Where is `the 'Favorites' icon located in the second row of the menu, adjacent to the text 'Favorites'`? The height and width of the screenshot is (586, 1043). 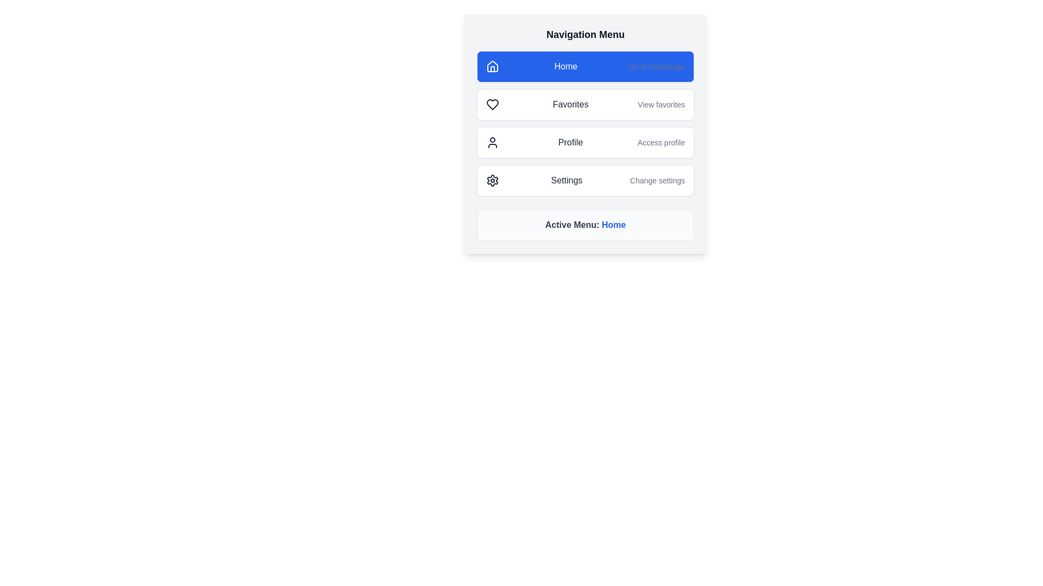
the 'Favorites' icon located in the second row of the menu, adjacent to the text 'Favorites' is located at coordinates (492, 104).